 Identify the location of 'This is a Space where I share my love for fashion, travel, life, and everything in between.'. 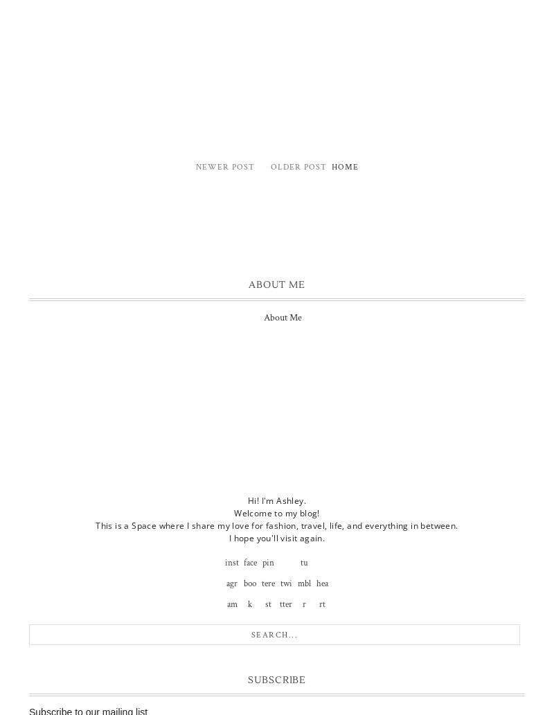
(96, 525).